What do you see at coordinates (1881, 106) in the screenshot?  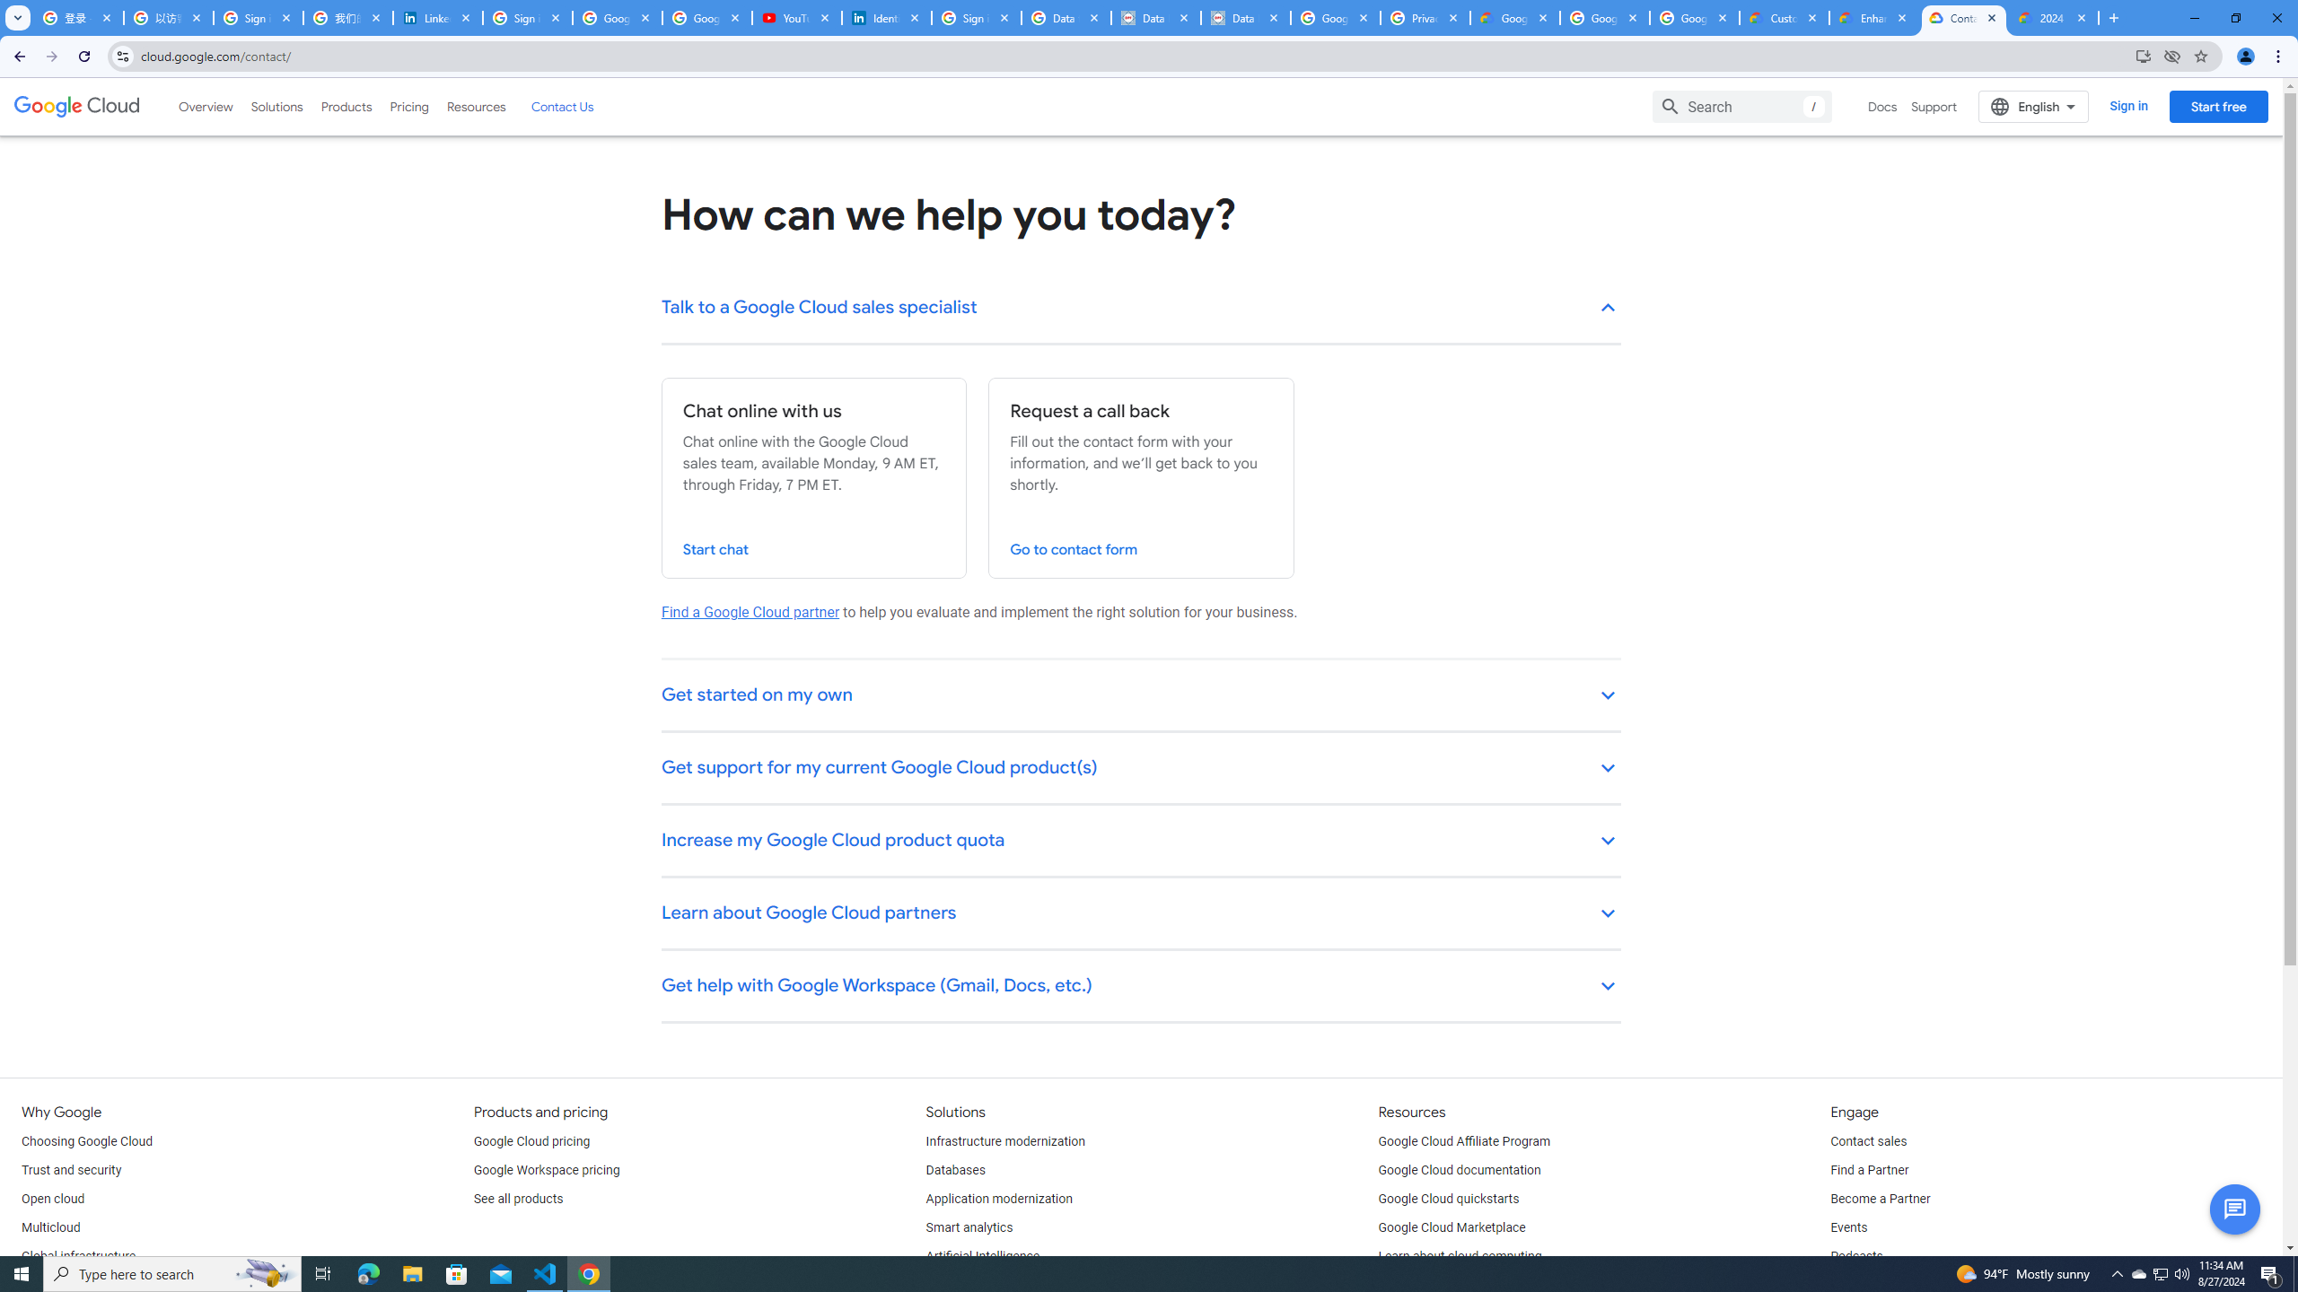 I see `'Docs'` at bounding box center [1881, 106].